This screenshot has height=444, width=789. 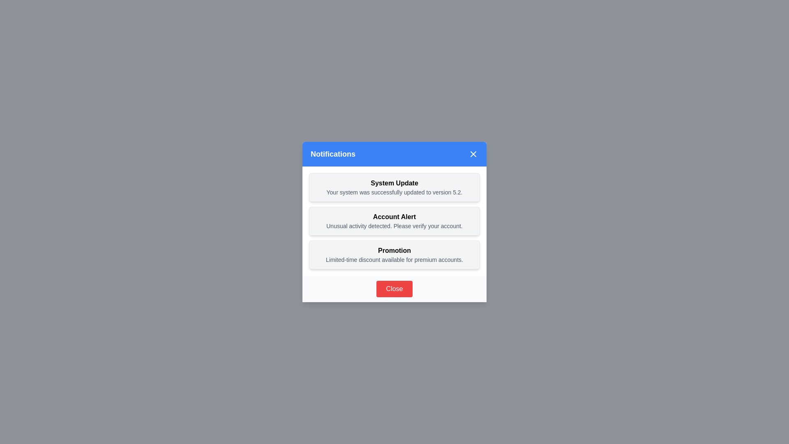 What do you see at coordinates (473, 154) in the screenshot?
I see `the close icon ('X') located in the top-right corner of the 'Notifications' header` at bounding box center [473, 154].